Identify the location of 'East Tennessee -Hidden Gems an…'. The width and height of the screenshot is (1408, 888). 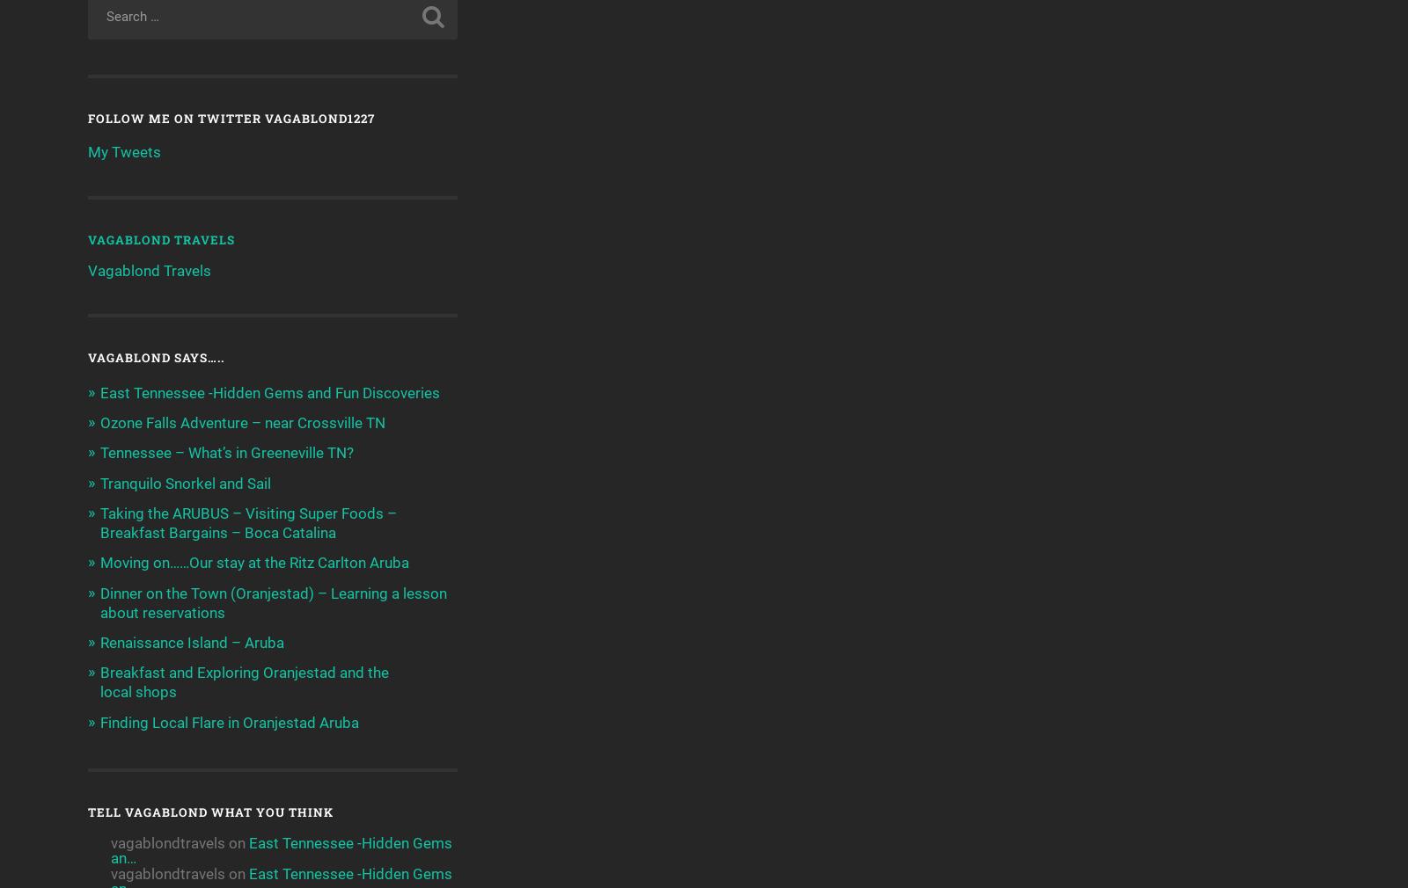
(110, 850).